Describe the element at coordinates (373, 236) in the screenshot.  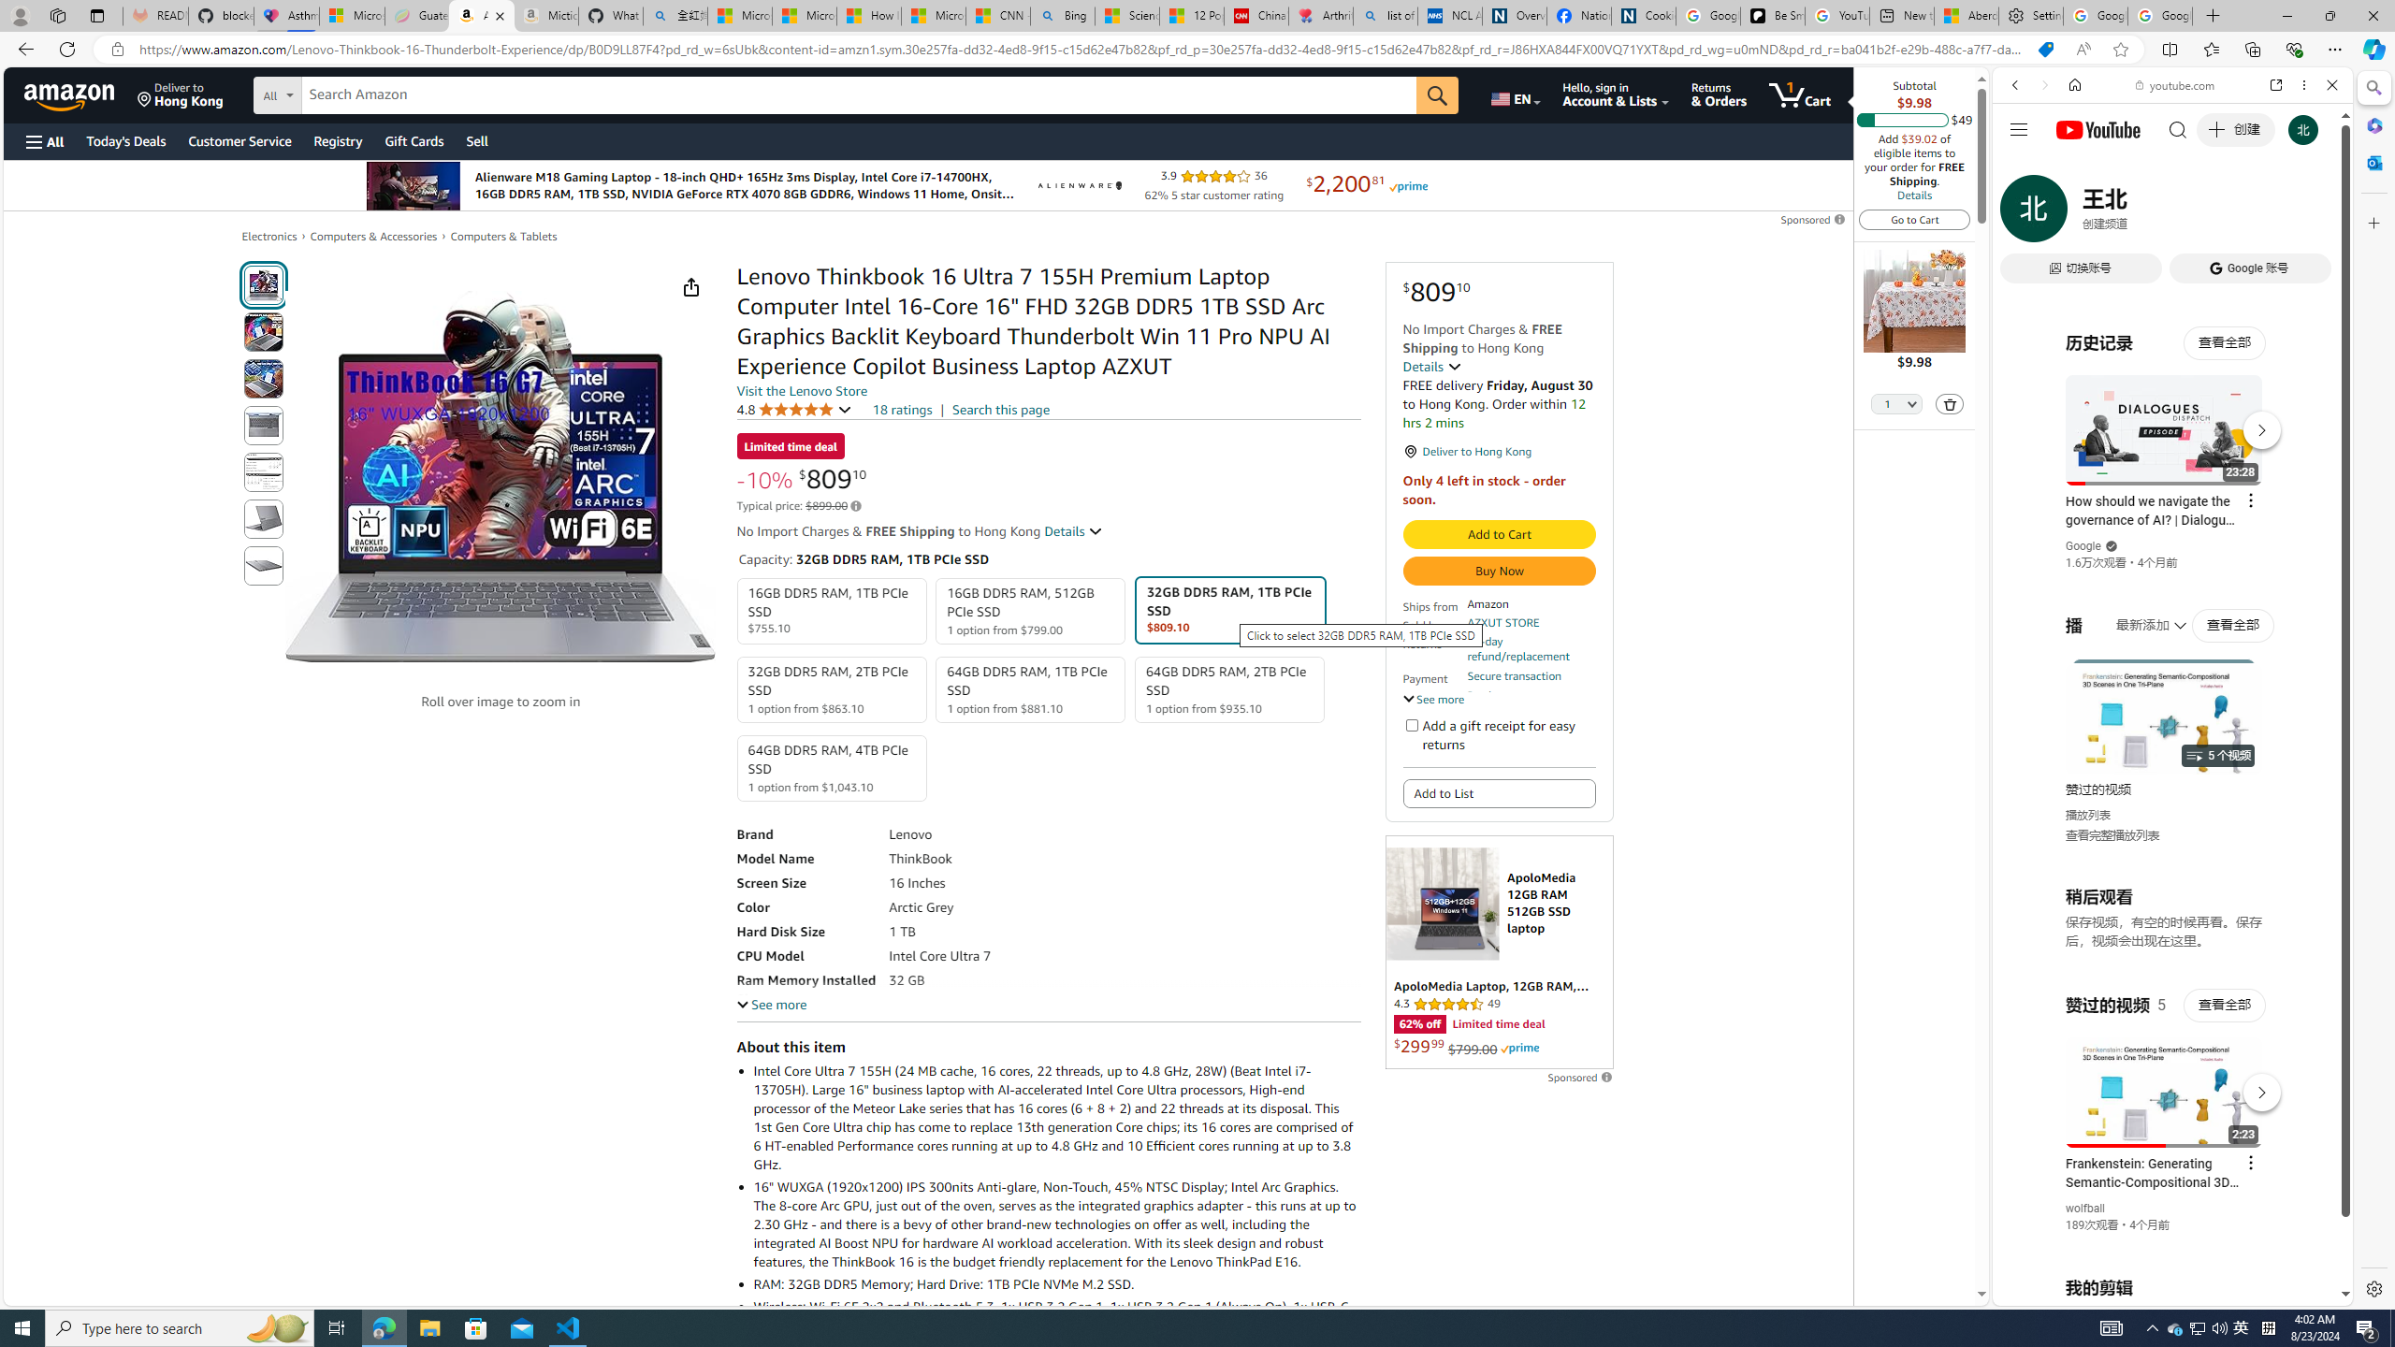
I see `'Computers & Accessories'` at that location.